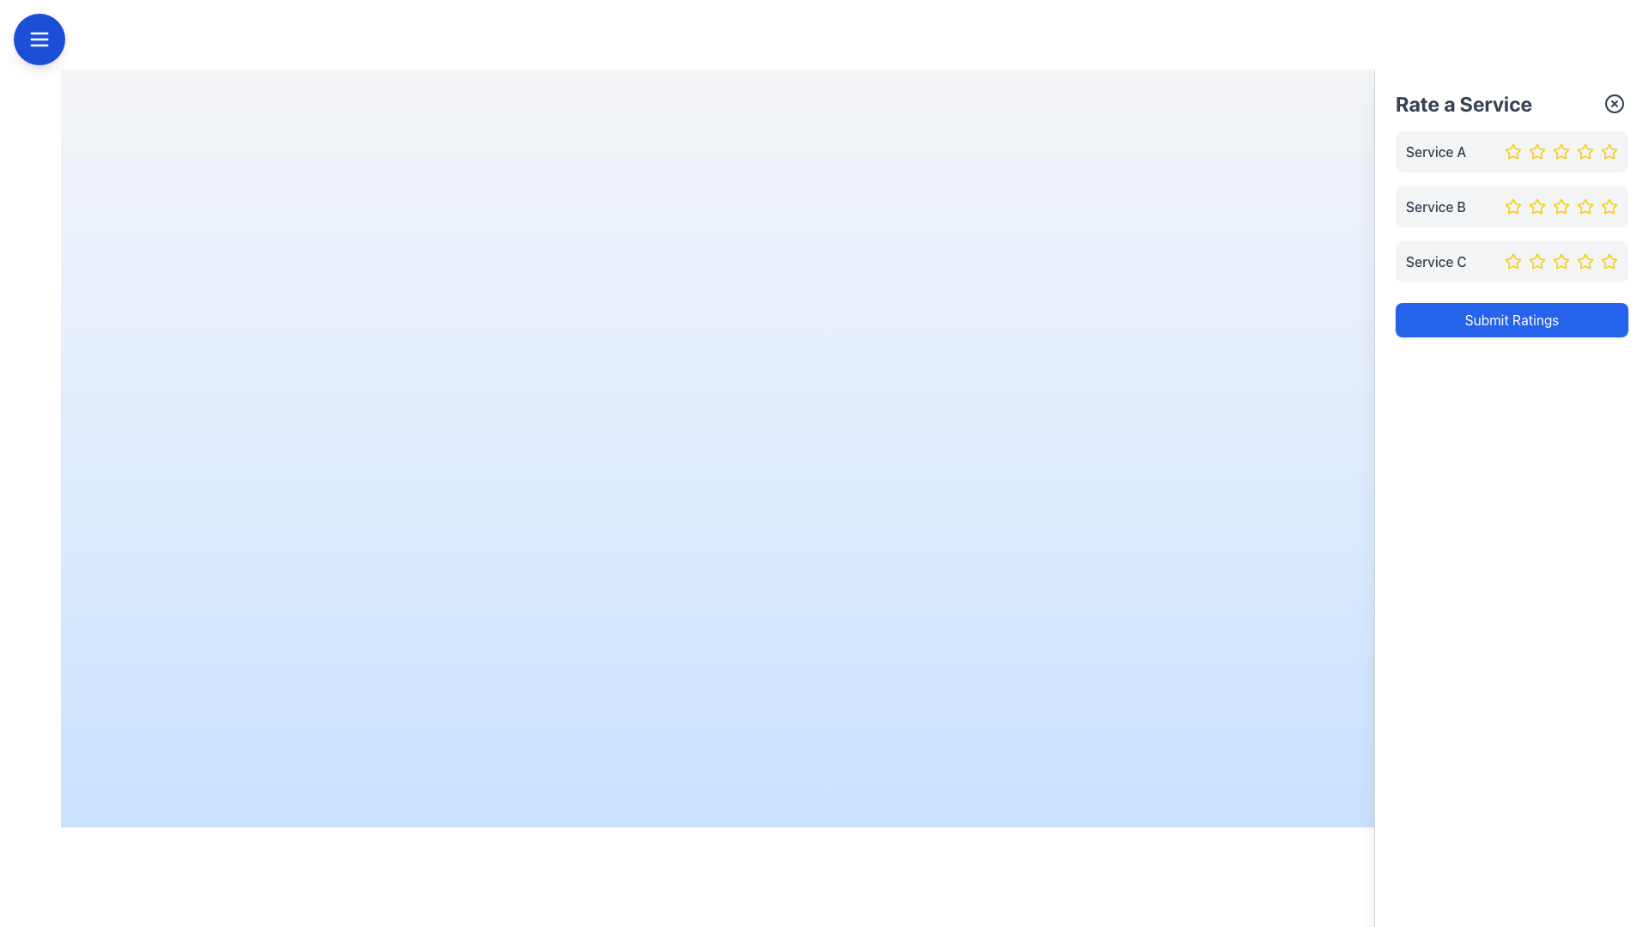  Describe the element at coordinates (1614, 103) in the screenshot. I see `the close button located at the top-right corner of the 'Rate a Service' section` at that location.